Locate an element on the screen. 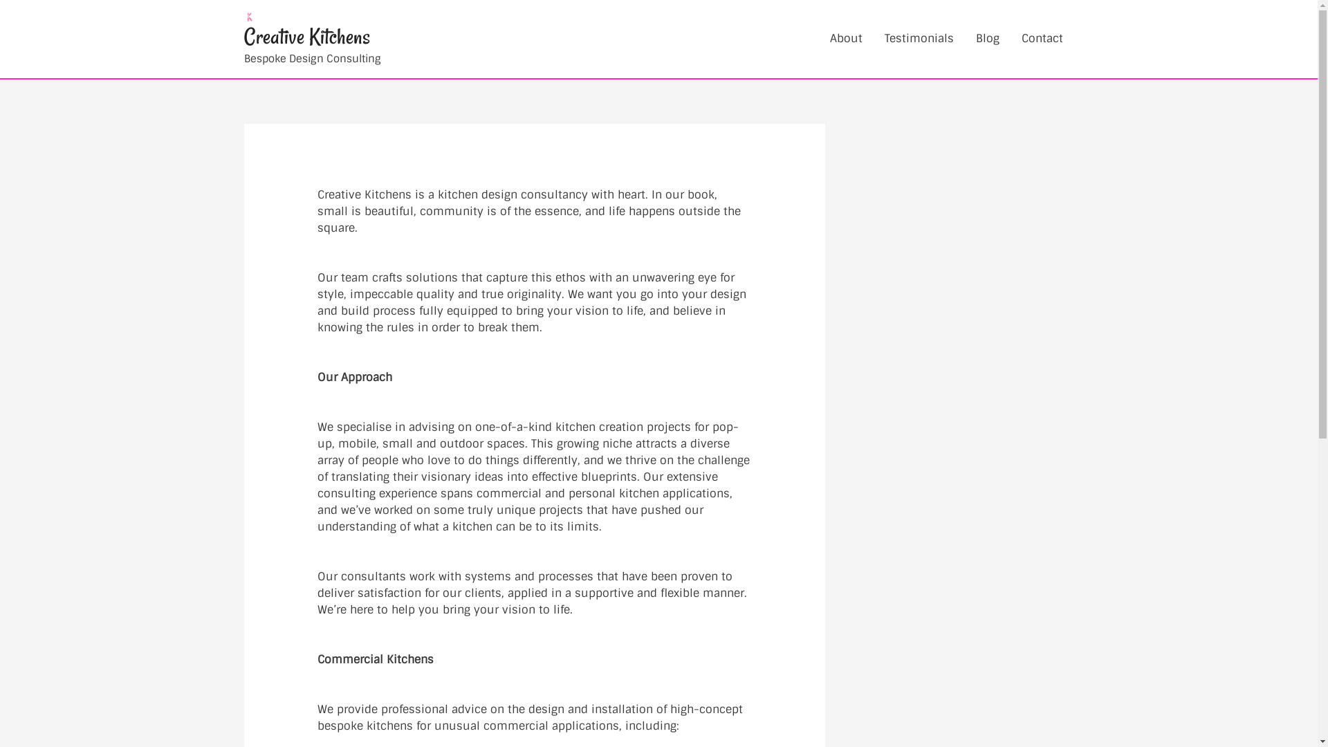 The image size is (1328, 747). 'Testimonials' is located at coordinates (872, 38).